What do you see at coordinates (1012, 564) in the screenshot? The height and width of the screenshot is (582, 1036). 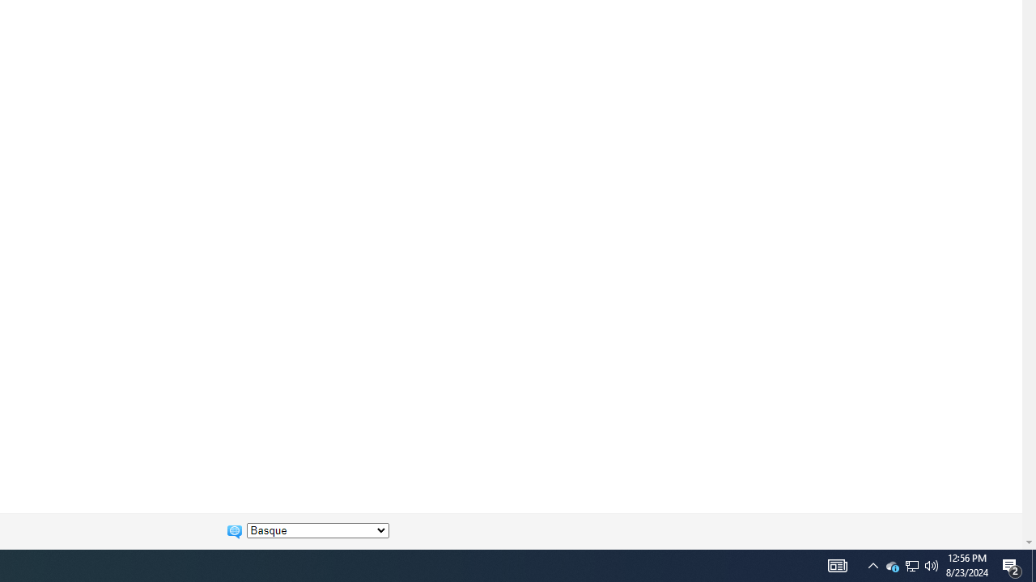 I see `'Show desktop'` at bounding box center [1012, 564].